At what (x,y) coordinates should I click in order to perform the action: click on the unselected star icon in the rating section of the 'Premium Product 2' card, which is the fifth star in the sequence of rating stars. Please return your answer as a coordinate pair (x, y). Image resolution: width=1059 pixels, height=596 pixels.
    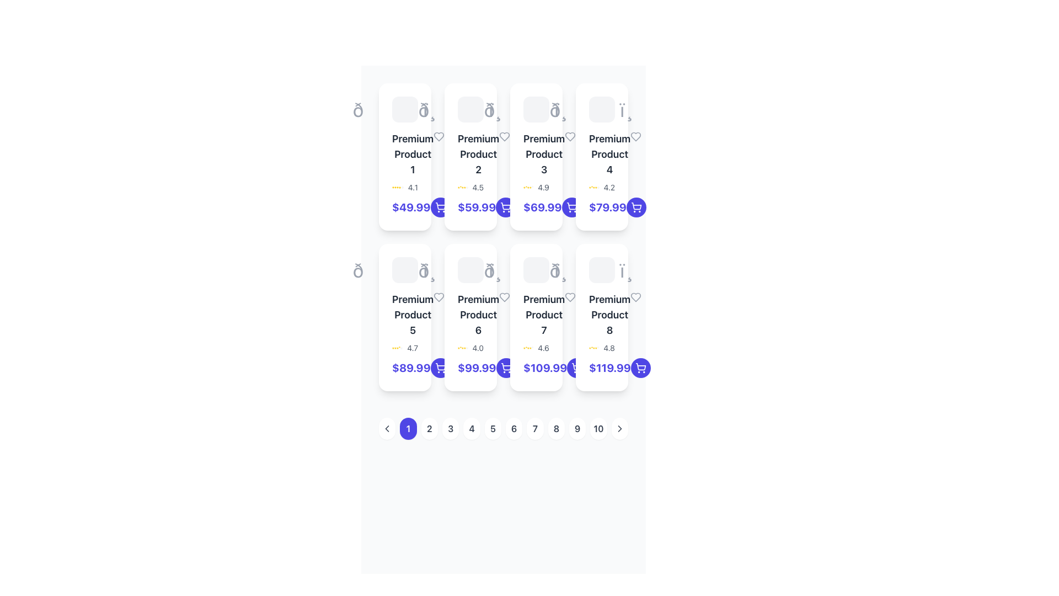
    Looking at the image, I should click on (467, 187).